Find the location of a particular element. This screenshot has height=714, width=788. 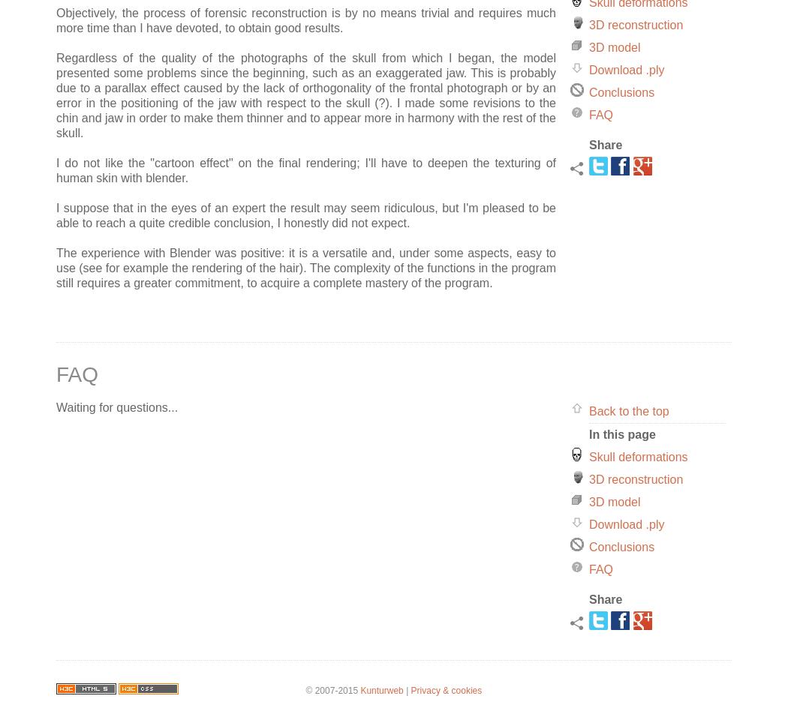

'Privacy & cookies' is located at coordinates (445, 690).